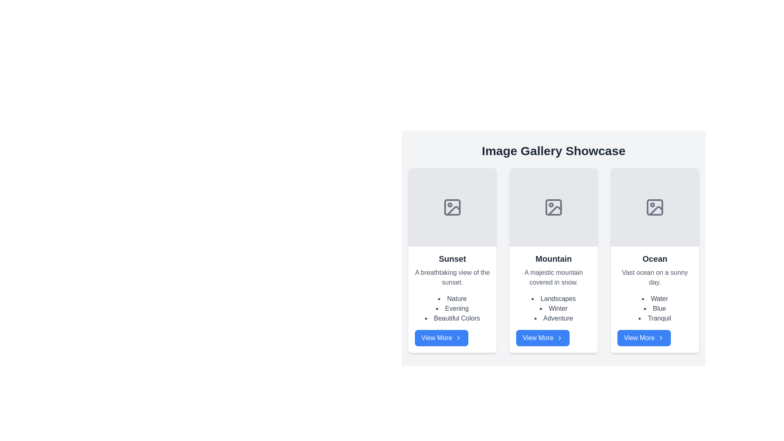  I want to click on the descriptive Text block that provides information about the ocean scene, located below the title 'Ocean' and above the list starting with 'Water', so click(655, 277).